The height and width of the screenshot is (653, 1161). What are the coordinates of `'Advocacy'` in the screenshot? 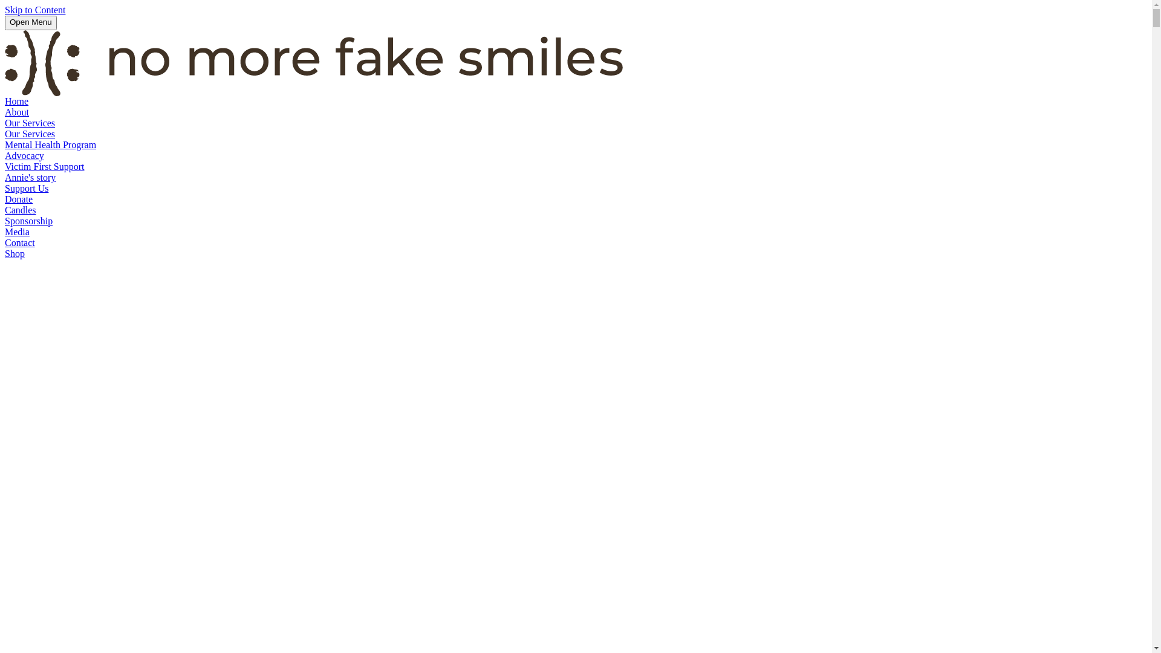 It's located at (24, 155).